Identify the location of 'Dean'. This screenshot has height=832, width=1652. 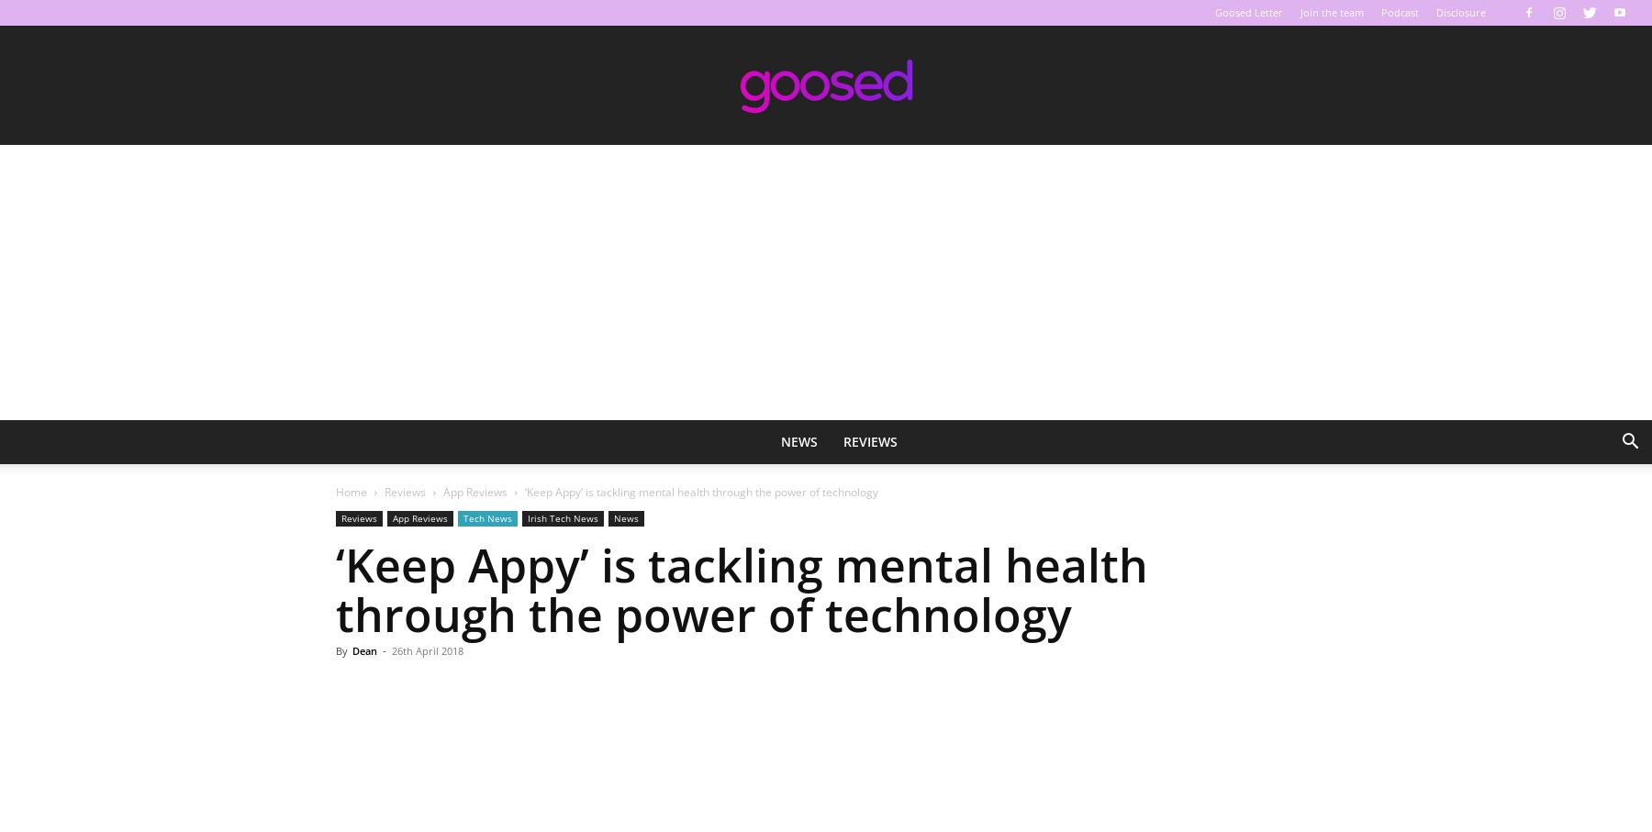
(364, 650).